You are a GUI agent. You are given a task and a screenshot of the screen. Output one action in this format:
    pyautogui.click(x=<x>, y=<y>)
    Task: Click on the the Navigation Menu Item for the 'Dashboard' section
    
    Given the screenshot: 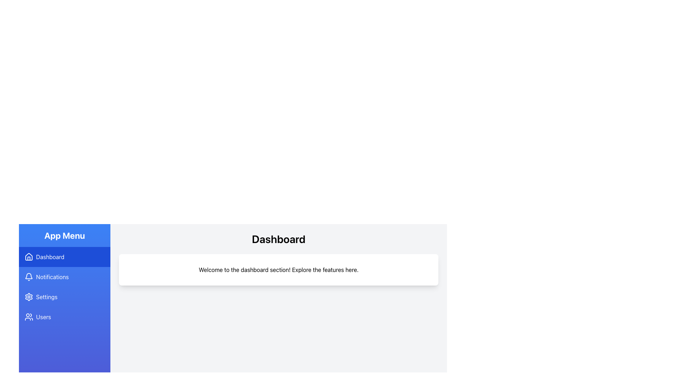 What is the action you would take?
    pyautogui.click(x=65, y=256)
    